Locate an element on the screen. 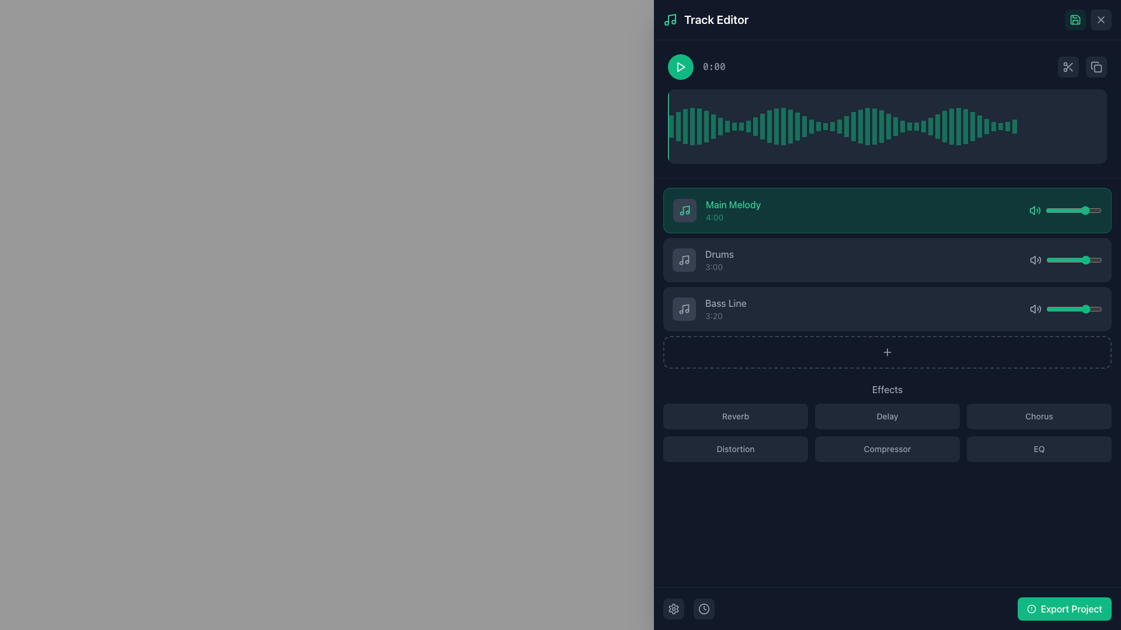 The width and height of the screenshot is (1121, 630). the second vertical green indicator bar within the waveform visualization in the track editor interface is located at coordinates (678, 126).